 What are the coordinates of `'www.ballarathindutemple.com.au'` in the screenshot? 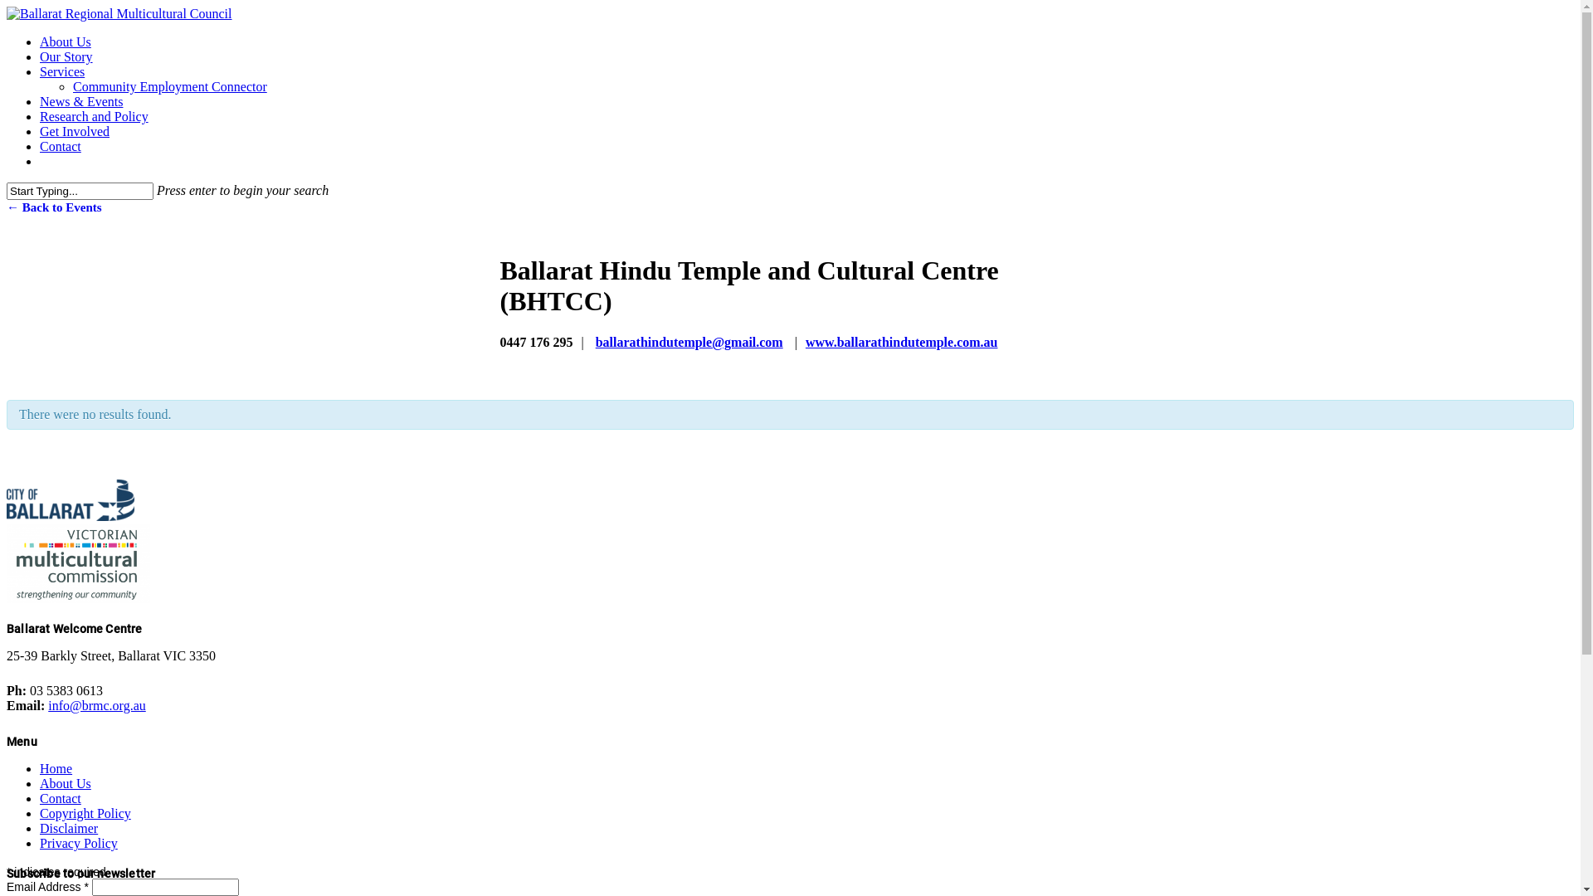 It's located at (805, 341).